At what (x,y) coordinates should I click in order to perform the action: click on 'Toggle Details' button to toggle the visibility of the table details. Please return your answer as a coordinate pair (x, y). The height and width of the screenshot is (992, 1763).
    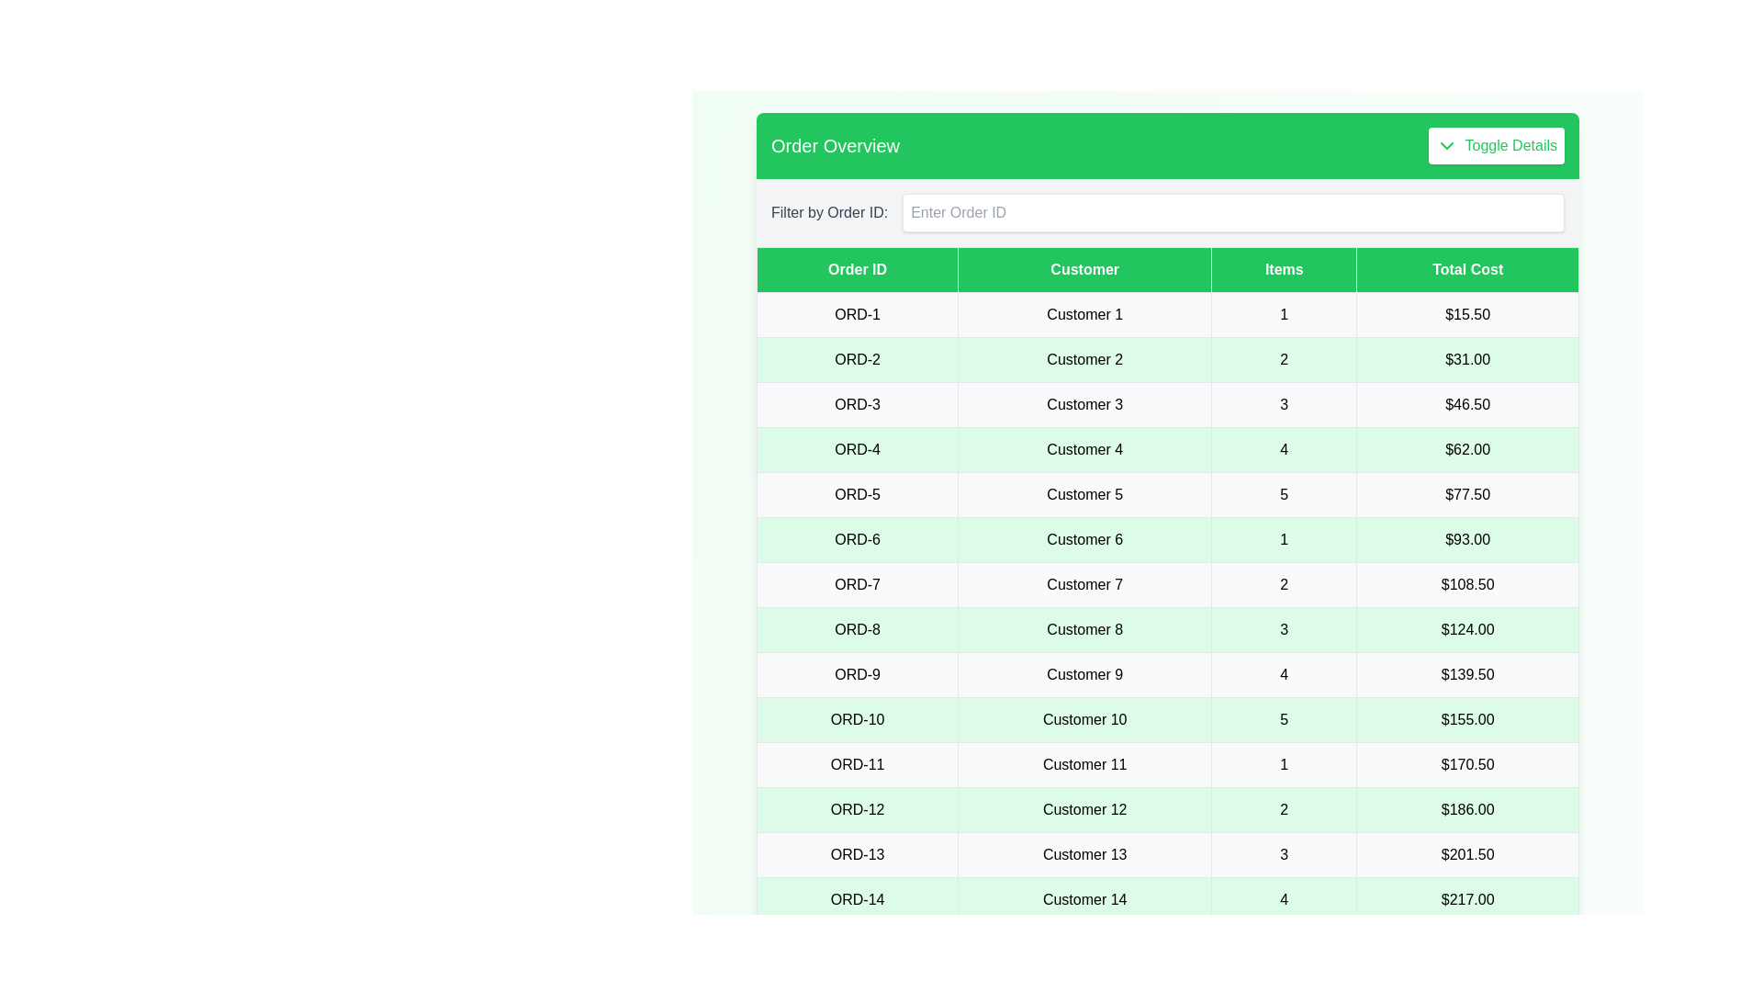
    Looking at the image, I should click on (1496, 144).